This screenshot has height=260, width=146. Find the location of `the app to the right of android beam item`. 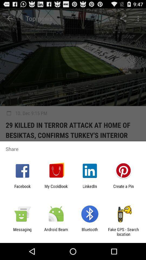

the app to the right of android beam item is located at coordinates (90, 232).